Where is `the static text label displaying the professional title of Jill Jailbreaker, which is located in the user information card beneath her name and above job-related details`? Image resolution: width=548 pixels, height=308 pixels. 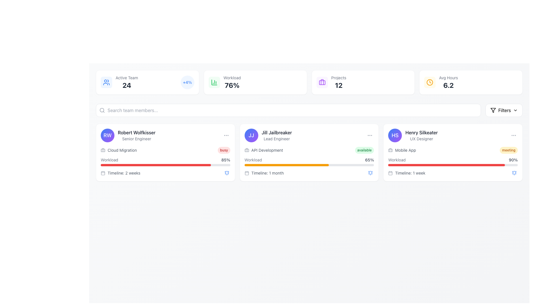
the static text label displaying the professional title of Jill Jailbreaker, which is located in the user information card beneath her name and above job-related details is located at coordinates (277, 139).